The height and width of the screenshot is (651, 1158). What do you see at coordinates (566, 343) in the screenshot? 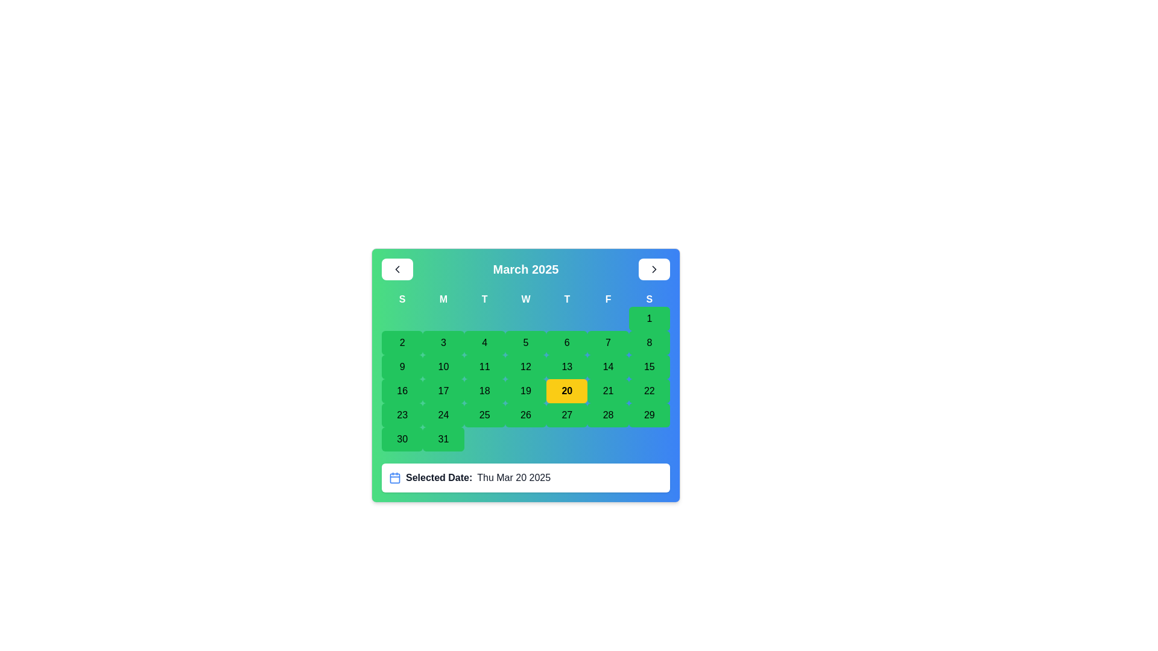
I see `the calendar date button representing '6'` at bounding box center [566, 343].